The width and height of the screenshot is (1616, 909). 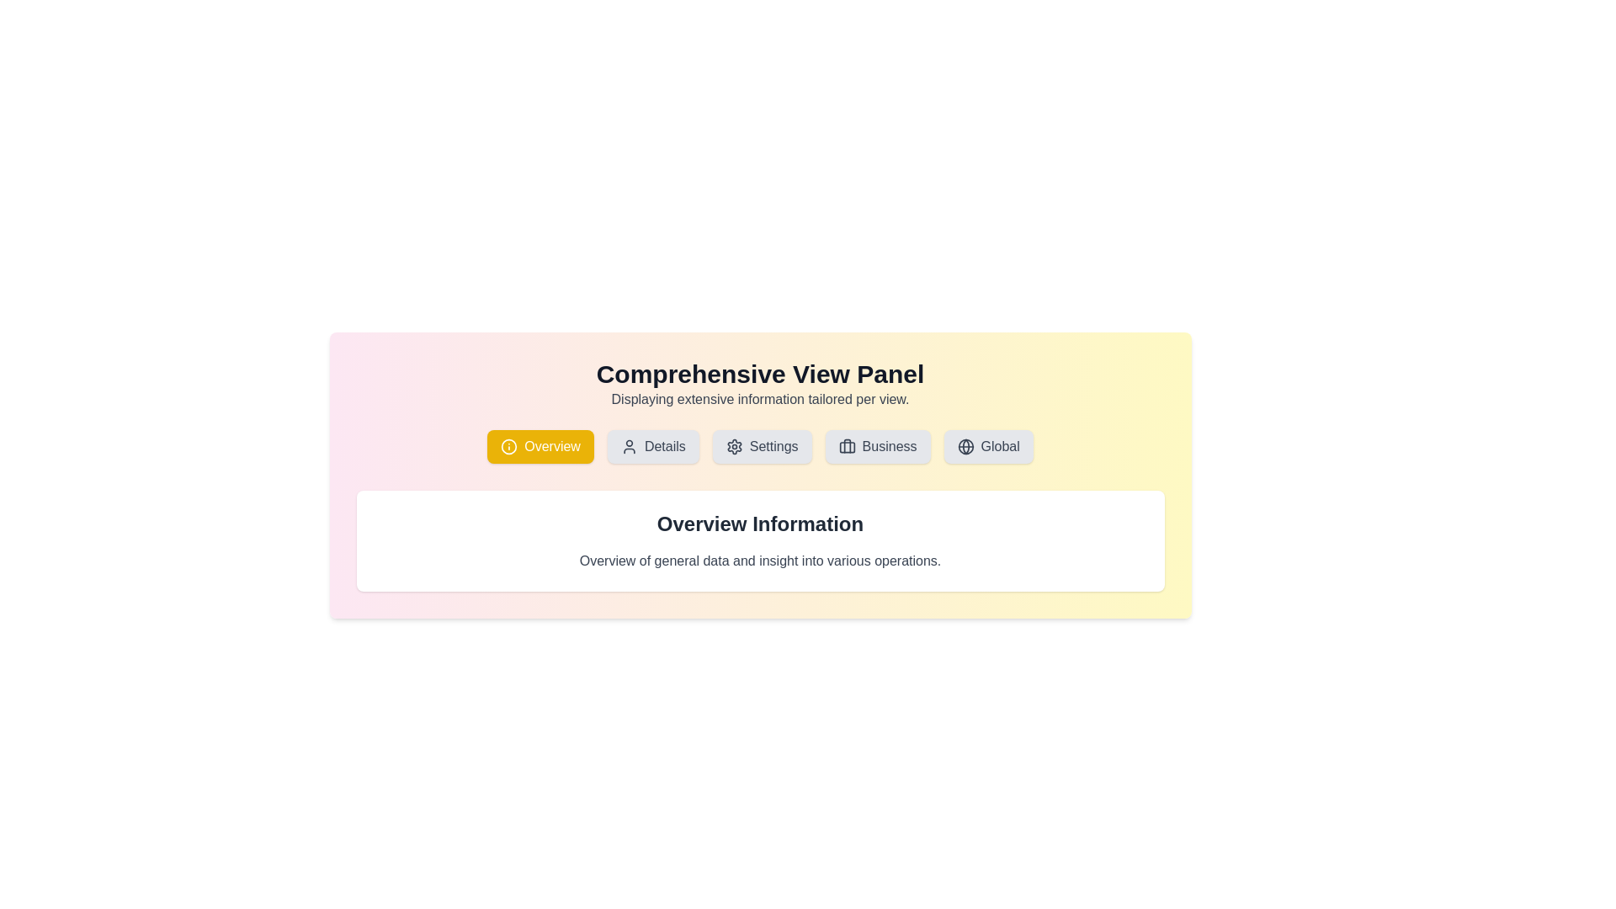 I want to click on the yellow button containing the text label that leads to an overview or summary page of the application, located near the top-left section of the central content area, so click(x=552, y=446).